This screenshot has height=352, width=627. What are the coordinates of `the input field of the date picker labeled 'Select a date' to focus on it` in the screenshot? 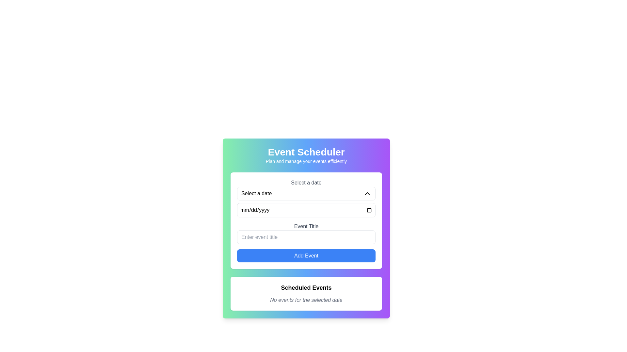 It's located at (306, 198).